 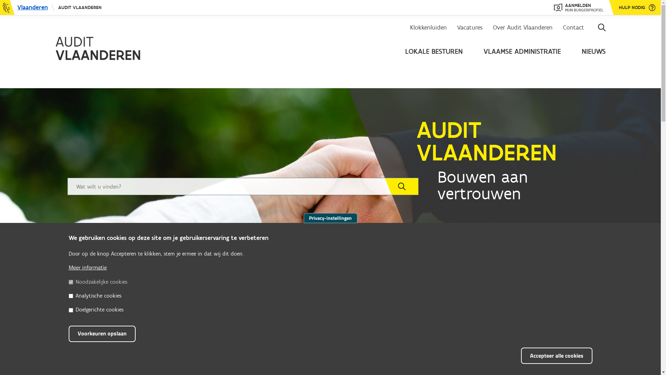 What do you see at coordinates (470, 27) in the screenshot?
I see `'Vacatures'` at bounding box center [470, 27].